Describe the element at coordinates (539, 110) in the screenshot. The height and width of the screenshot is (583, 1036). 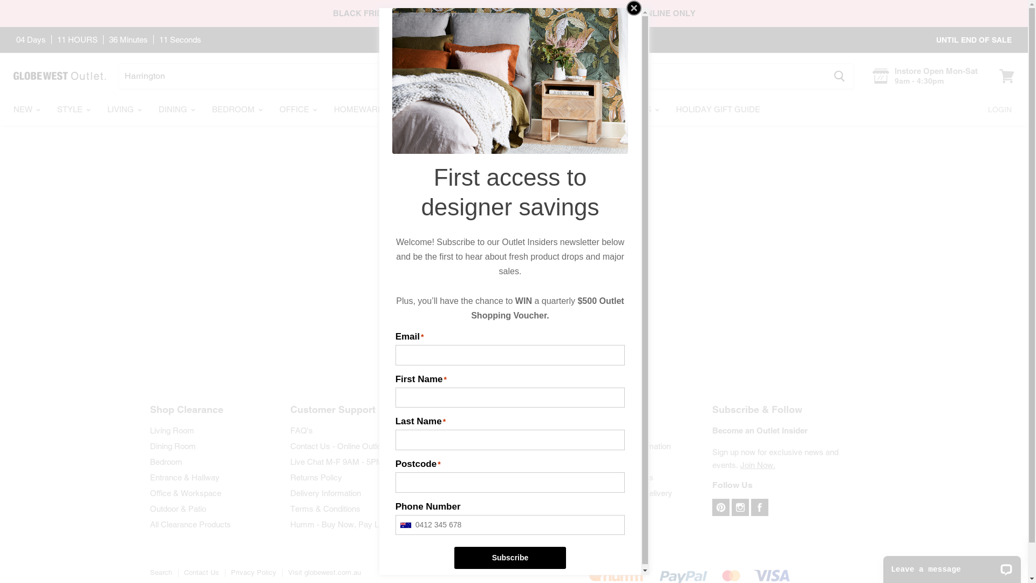
I see `'OFFERS'` at that location.